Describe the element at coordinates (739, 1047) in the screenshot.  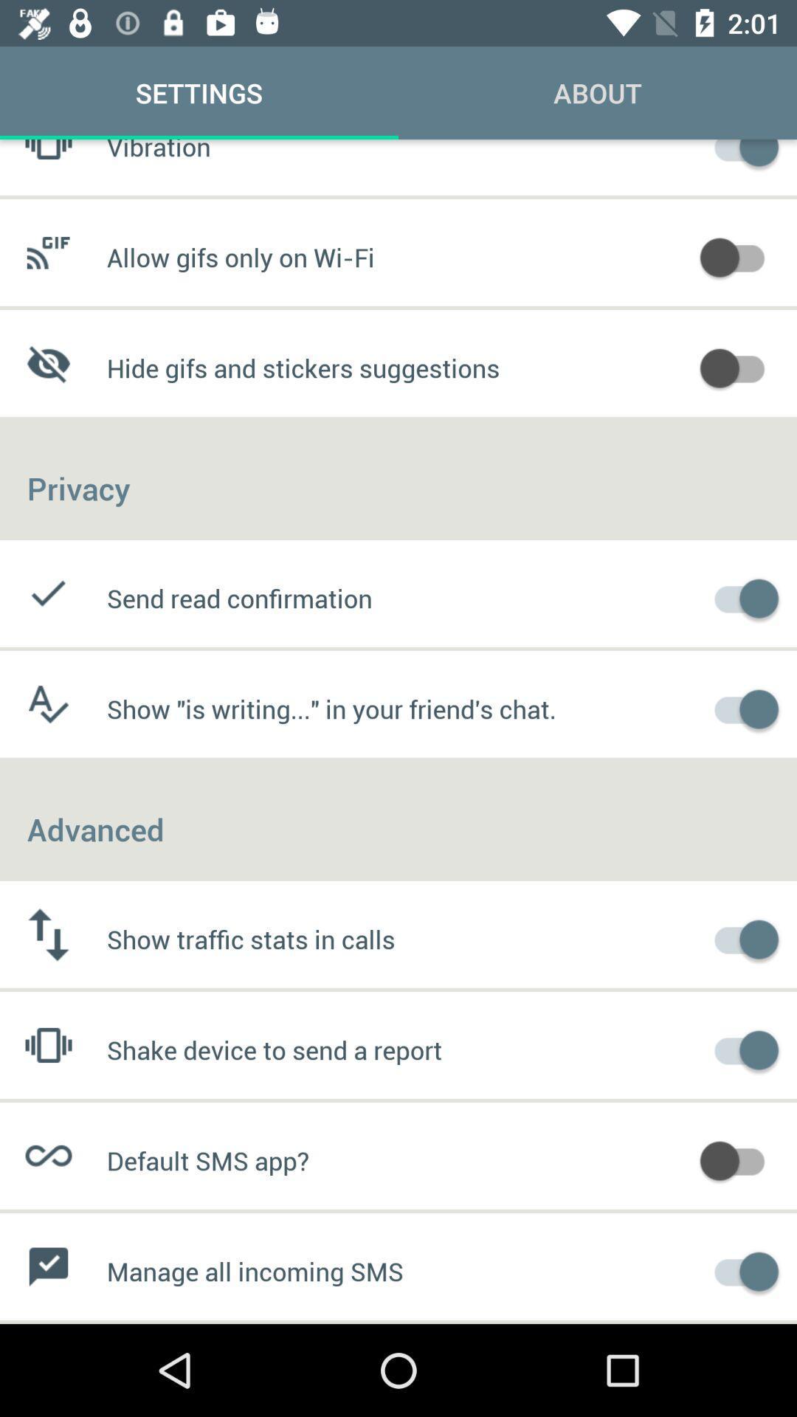
I see `shake device to send report` at that location.